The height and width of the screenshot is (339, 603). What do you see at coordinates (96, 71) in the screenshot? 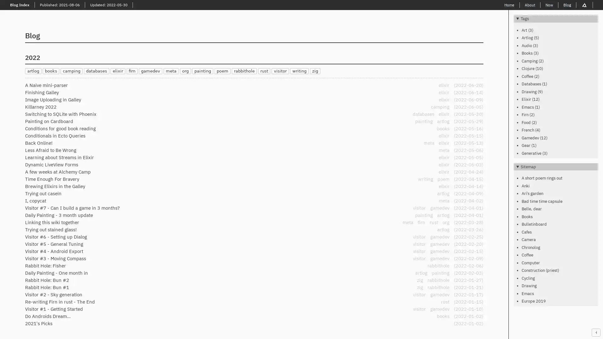
I see `databases` at bounding box center [96, 71].